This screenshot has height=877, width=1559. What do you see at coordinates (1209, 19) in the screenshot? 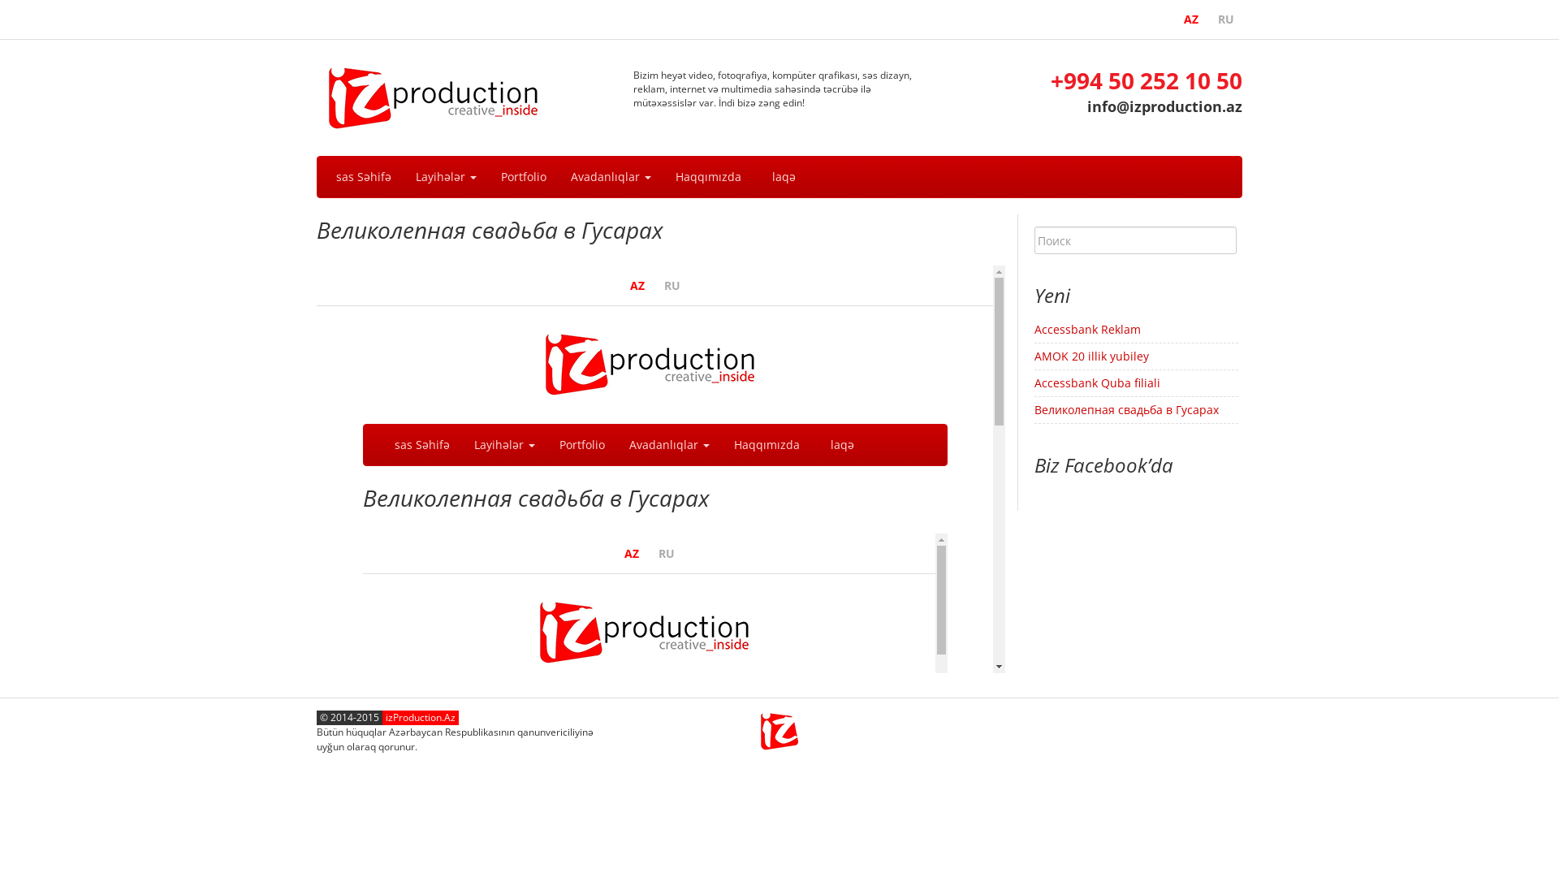
I see `'RU'` at bounding box center [1209, 19].